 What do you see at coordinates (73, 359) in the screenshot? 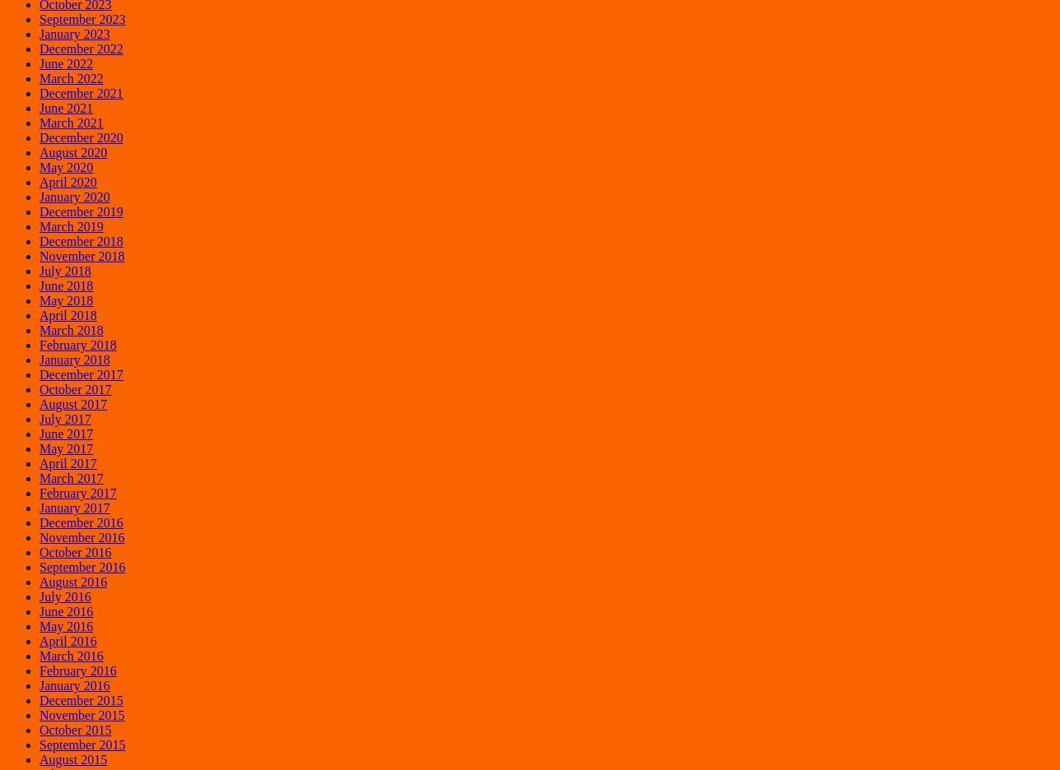
I see `'January 2018'` at bounding box center [73, 359].